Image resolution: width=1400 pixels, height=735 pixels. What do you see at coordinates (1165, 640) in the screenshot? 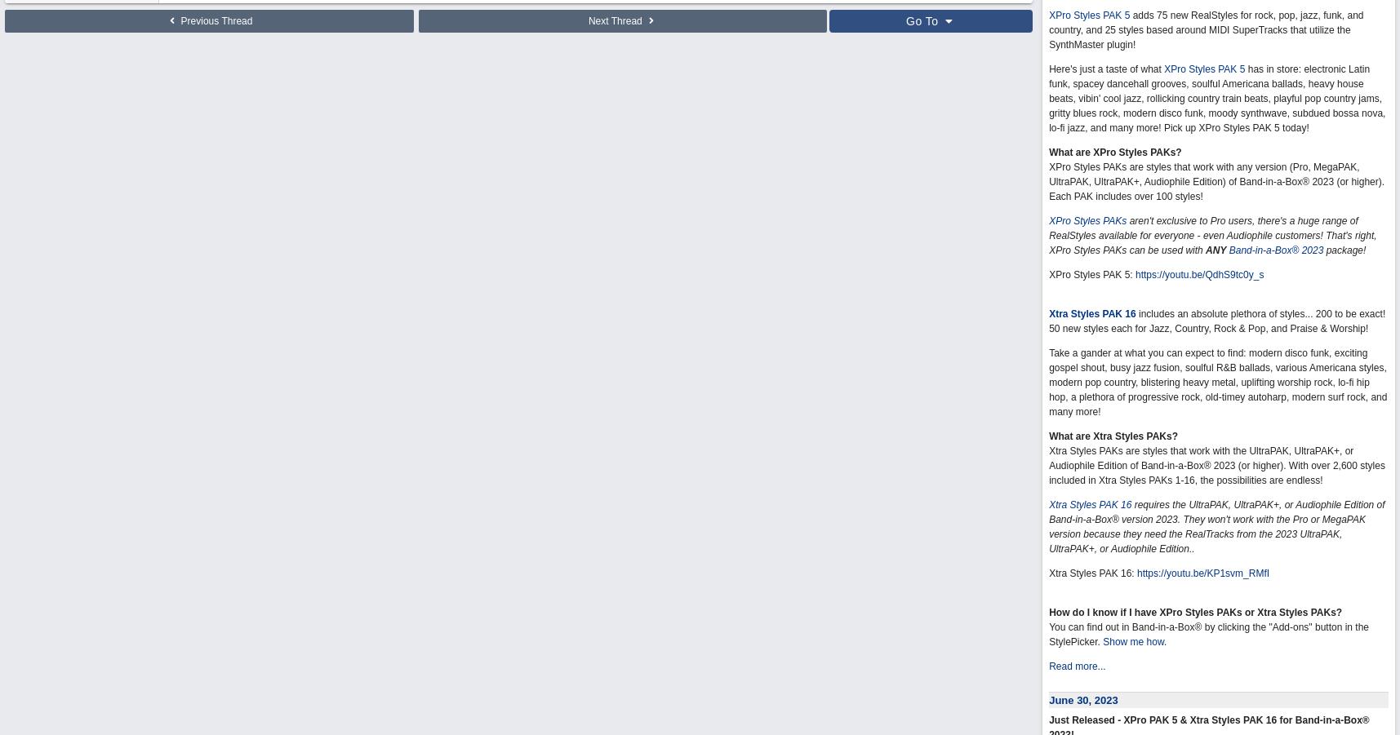
I see `'.'` at bounding box center [1165, 640].